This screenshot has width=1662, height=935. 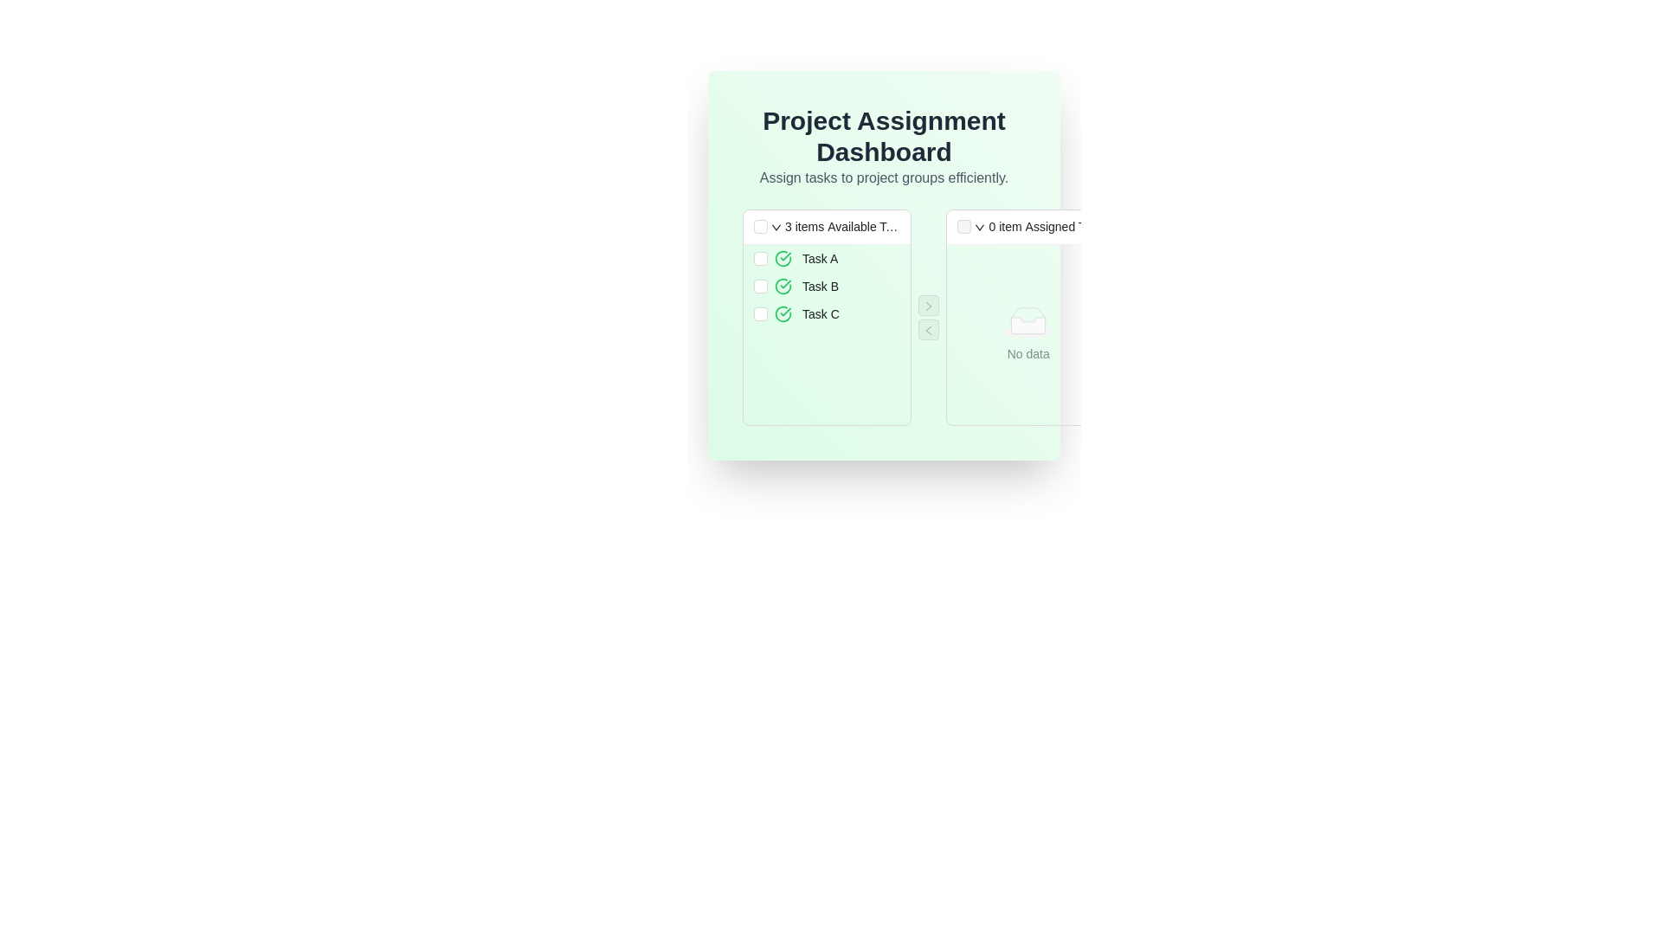 I want to click on the checkbox associated with 'Task C', so click(x=760, y=313).